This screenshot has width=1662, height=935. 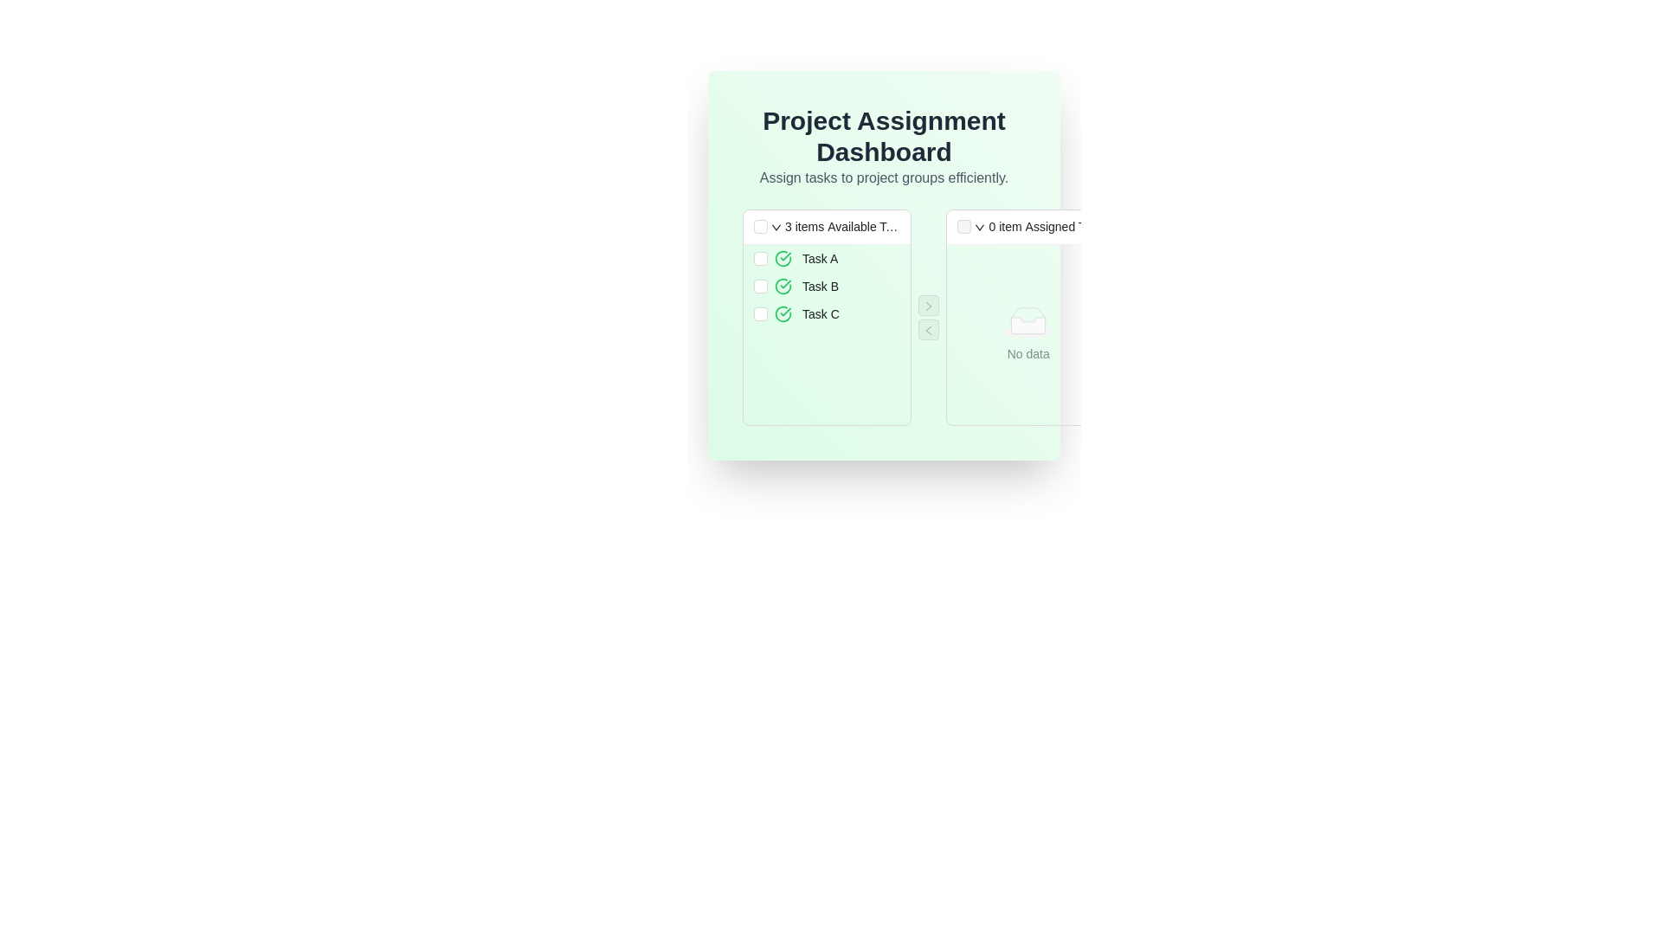 I want to click on the checkbox associated with 'Task C', so click(x=760, y=313).